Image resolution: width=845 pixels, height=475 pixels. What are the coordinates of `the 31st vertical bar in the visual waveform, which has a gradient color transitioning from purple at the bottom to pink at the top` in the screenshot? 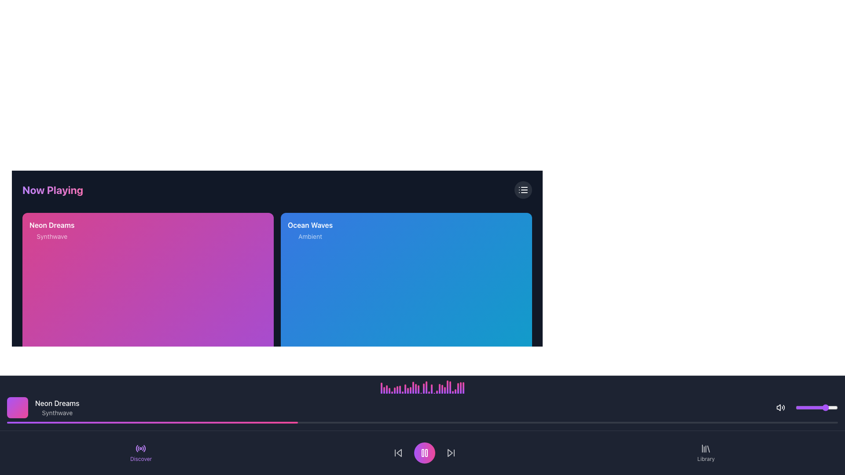 It's located at (458, 386).